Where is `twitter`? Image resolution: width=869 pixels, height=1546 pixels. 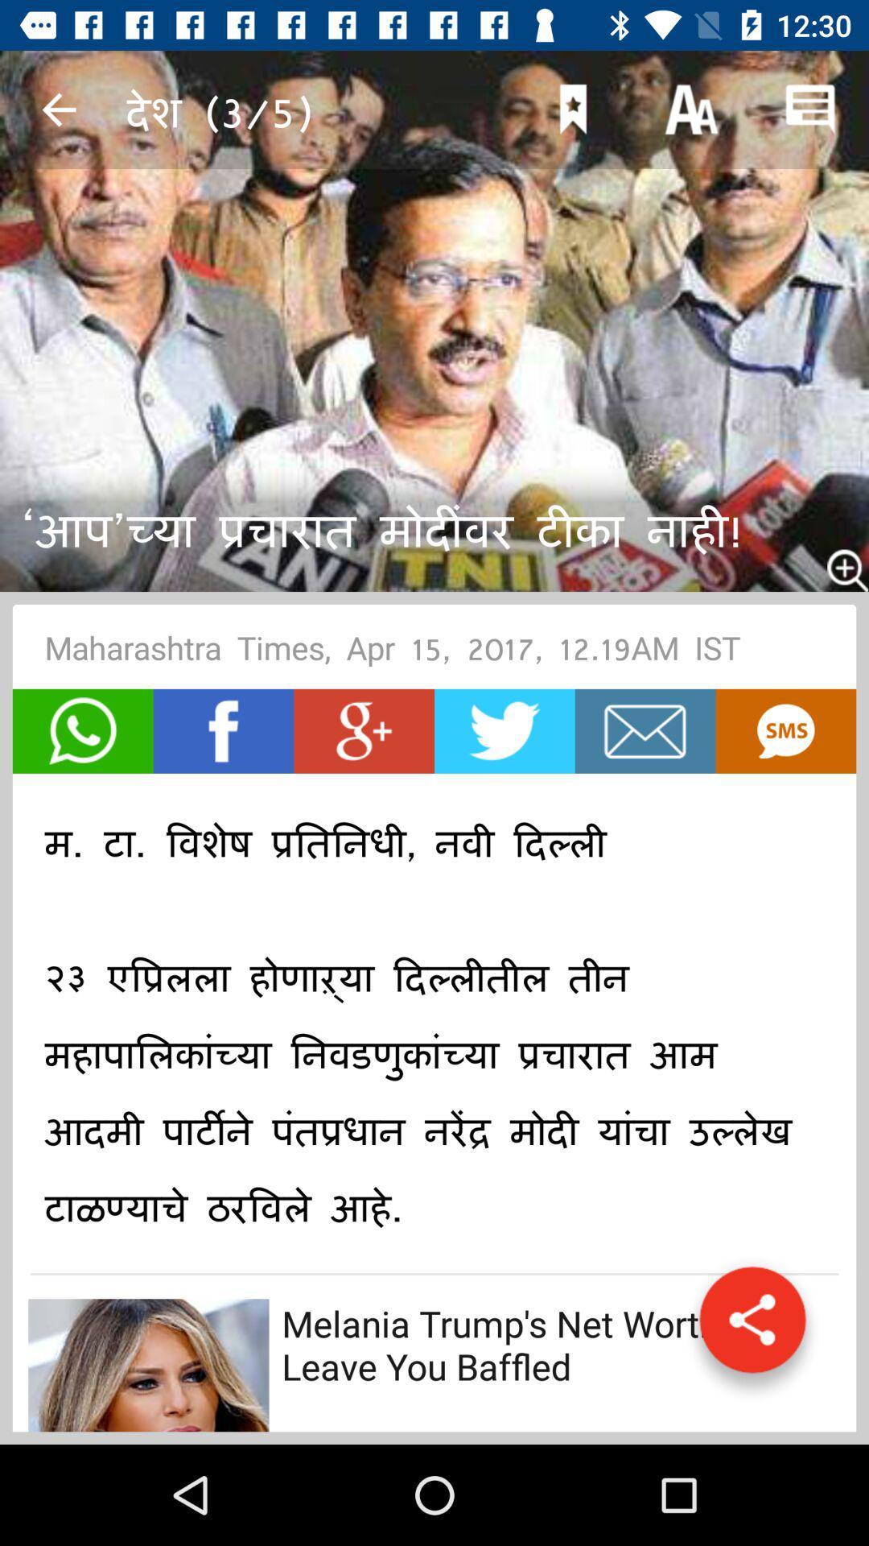
twitter is located at coordinates (504, 730).